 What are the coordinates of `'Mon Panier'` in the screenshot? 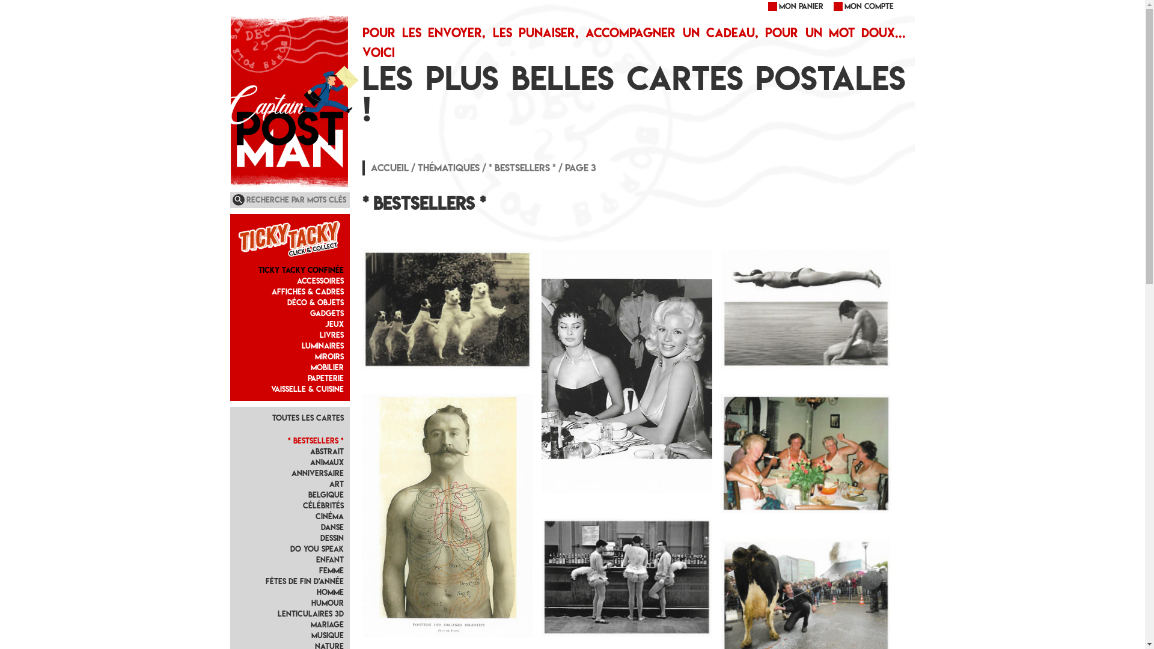 It's located at (766, 6).